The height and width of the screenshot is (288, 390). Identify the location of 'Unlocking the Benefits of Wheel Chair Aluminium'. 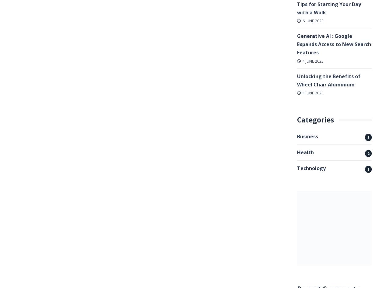
(328, 80).